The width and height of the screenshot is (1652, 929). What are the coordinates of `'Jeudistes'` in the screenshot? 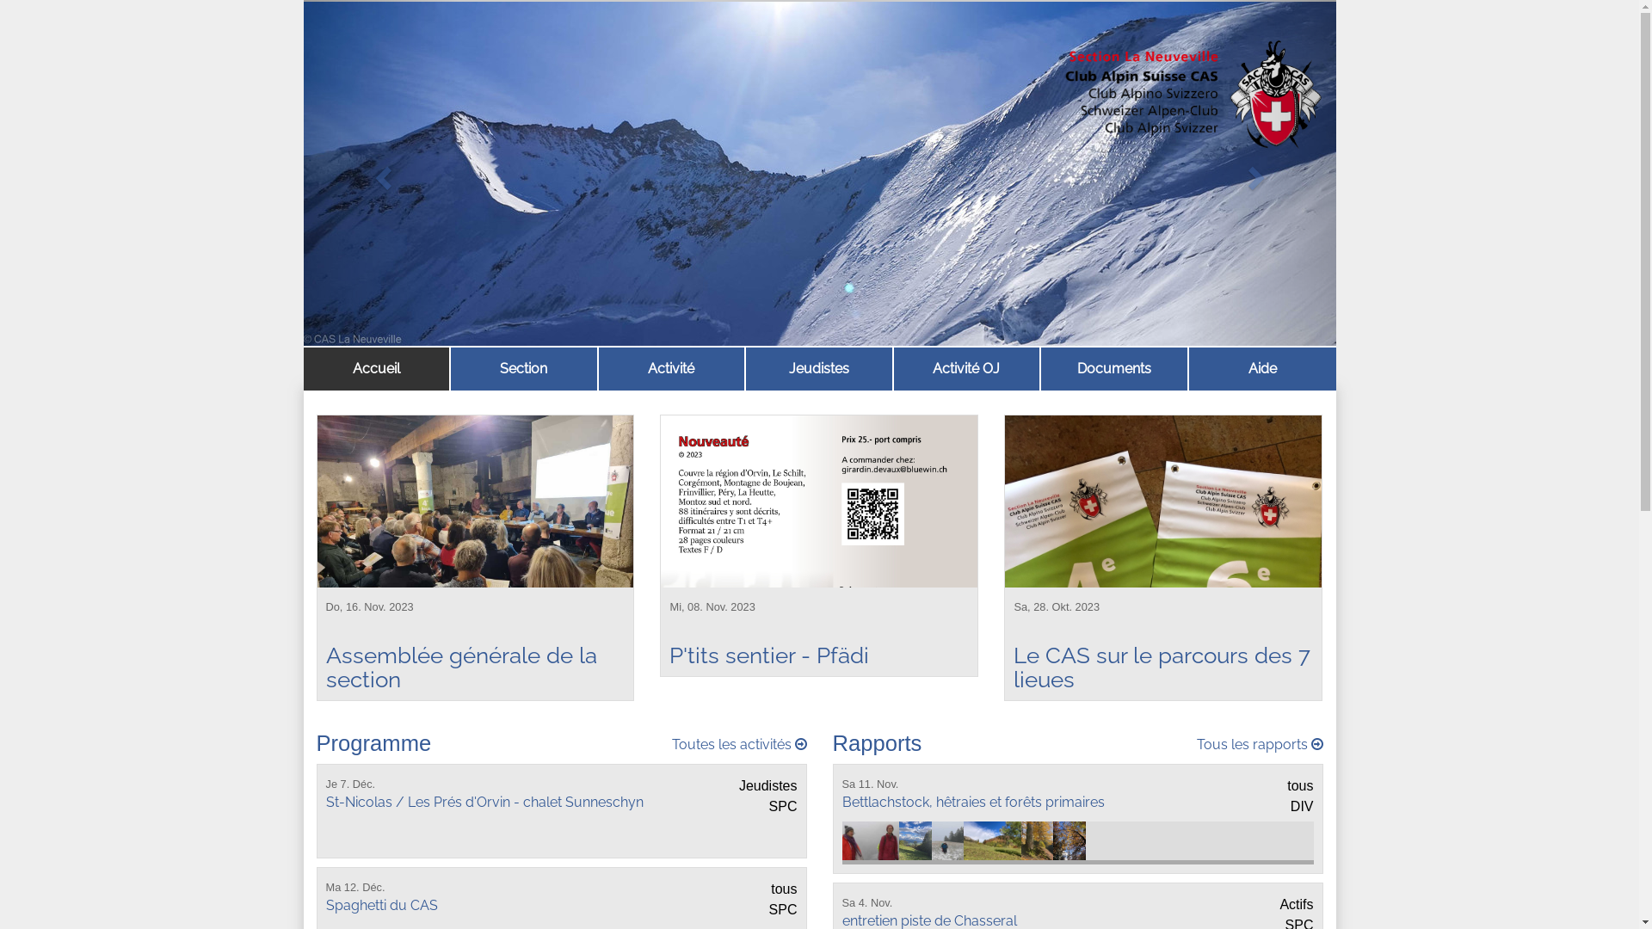 It's located at (750, 367).